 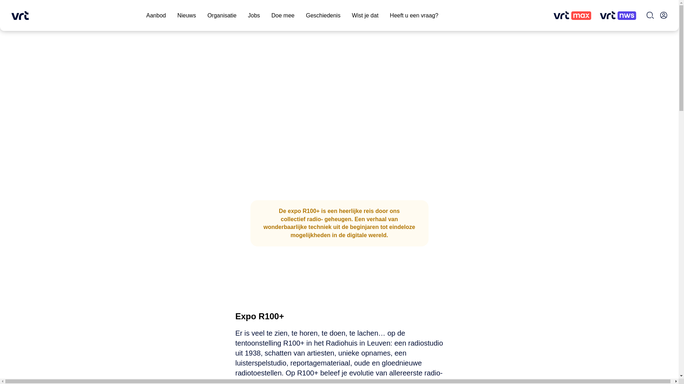 I want to click on 'Aanbod', so click(x=156, y=15).